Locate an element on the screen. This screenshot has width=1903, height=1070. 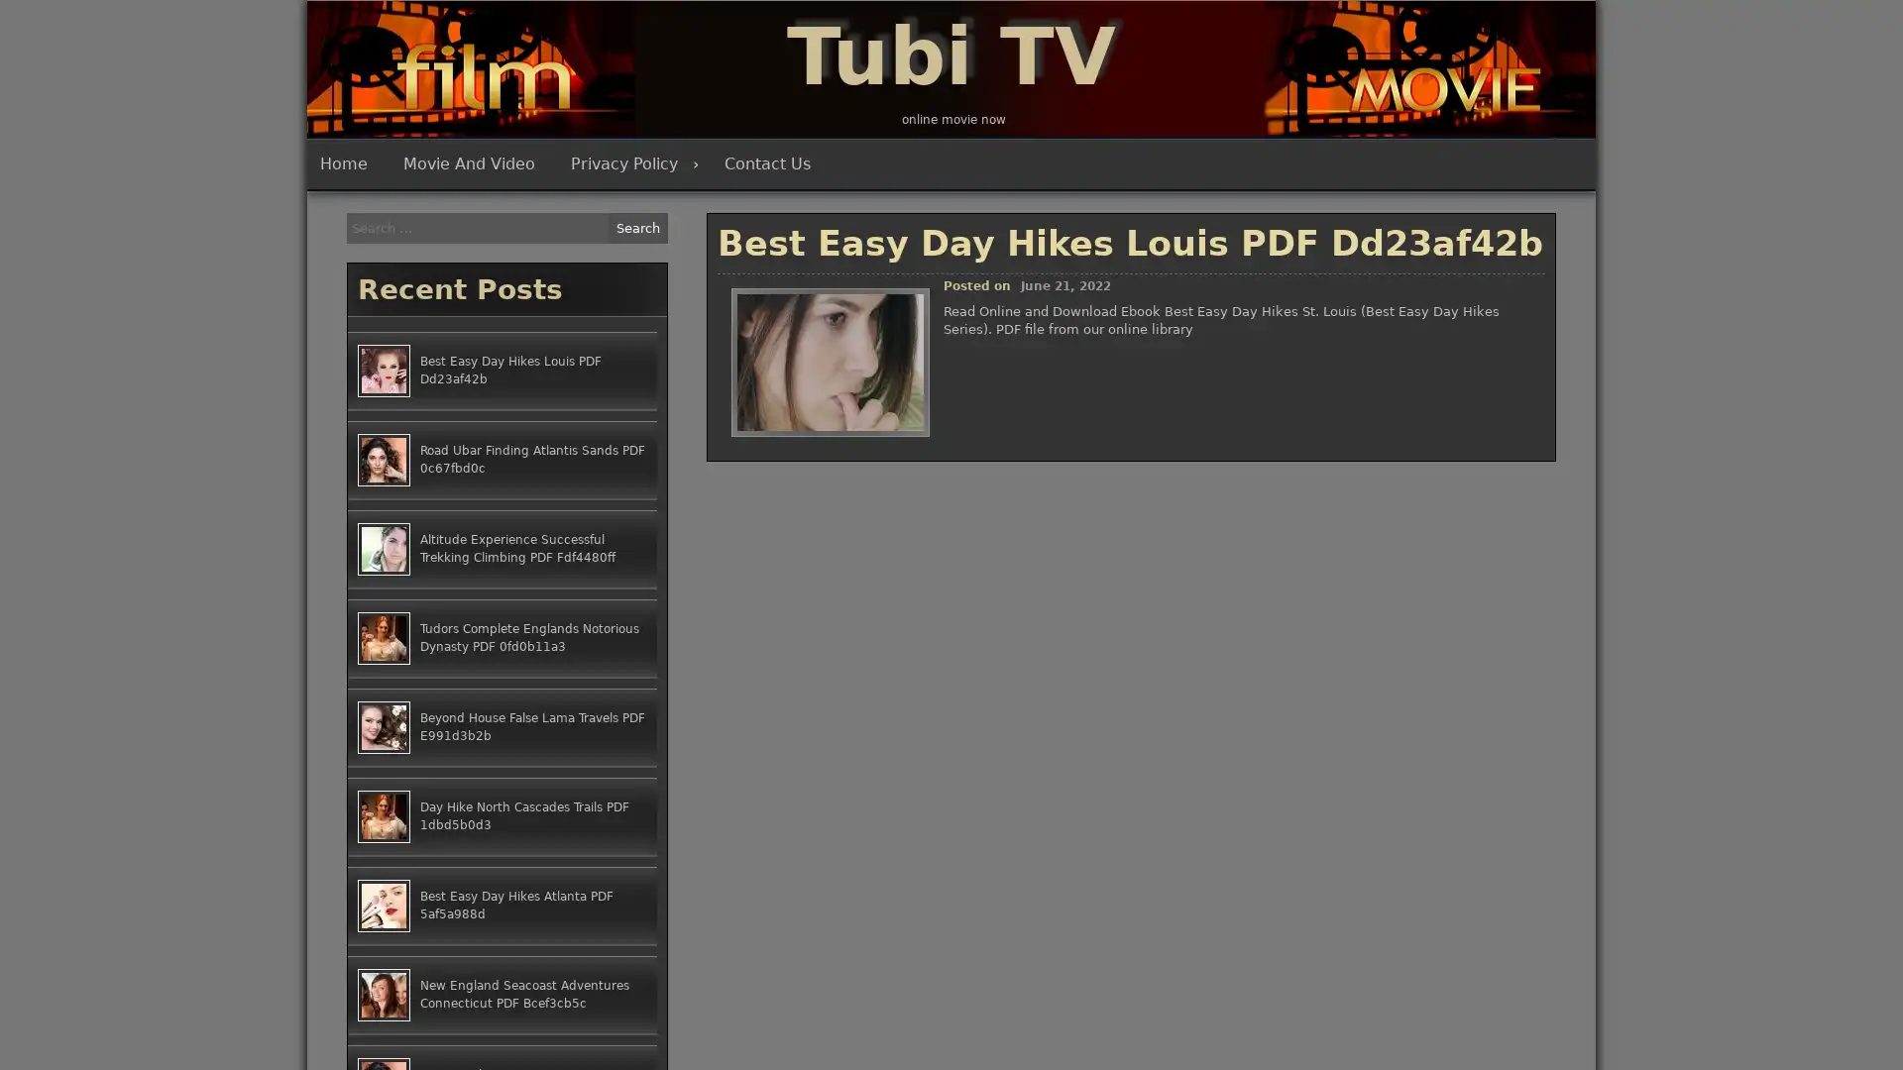
Search is located at coordinates (637, 227).